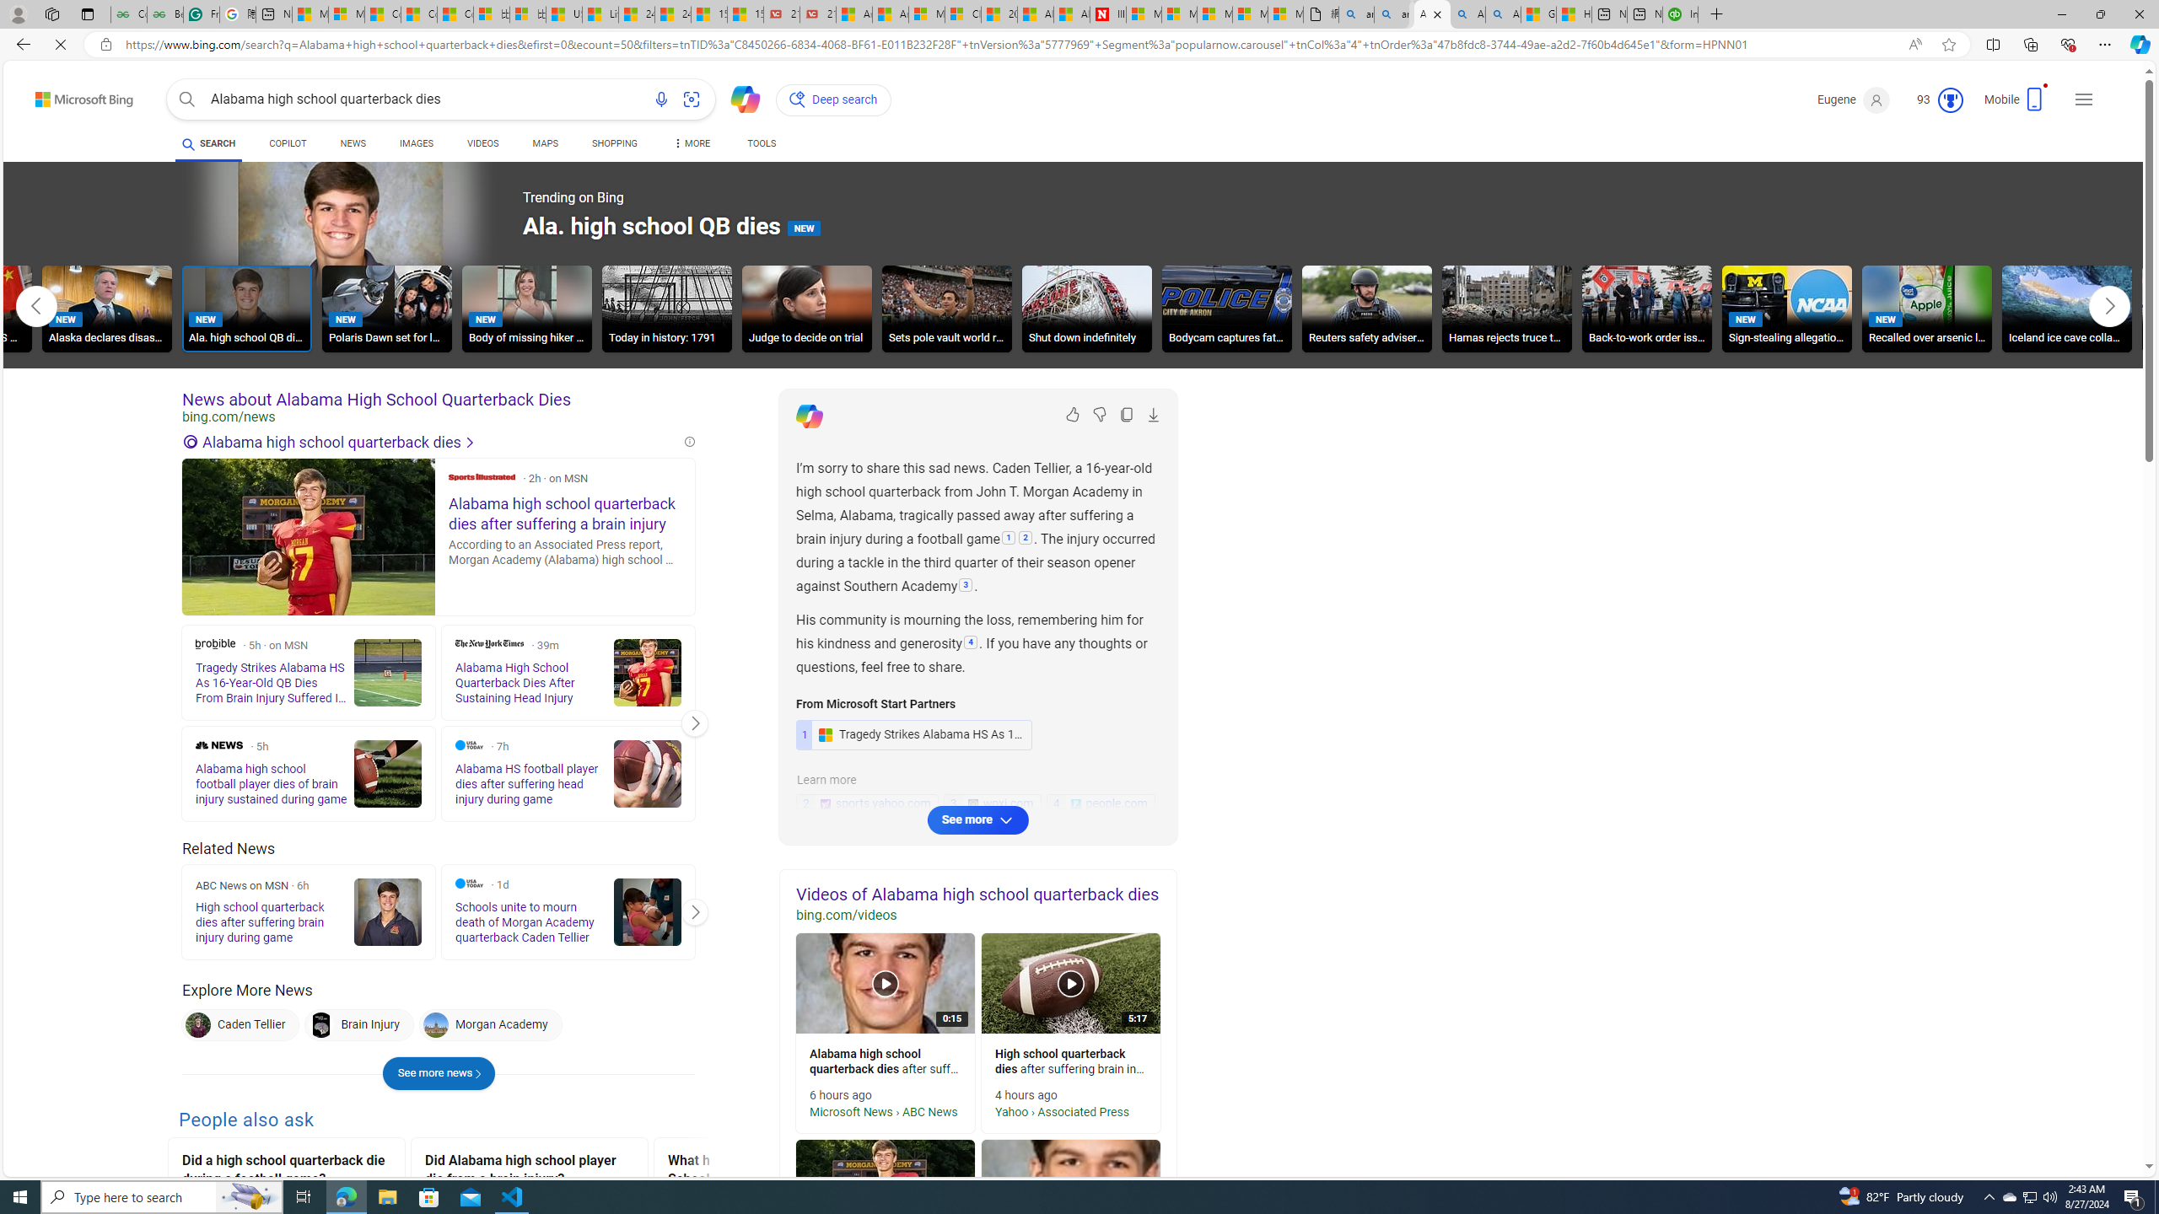 This screenshot has height=1214, width=2159. I want to click on 'What happened to a Selma High School quarterback?', so click(771, 1172).